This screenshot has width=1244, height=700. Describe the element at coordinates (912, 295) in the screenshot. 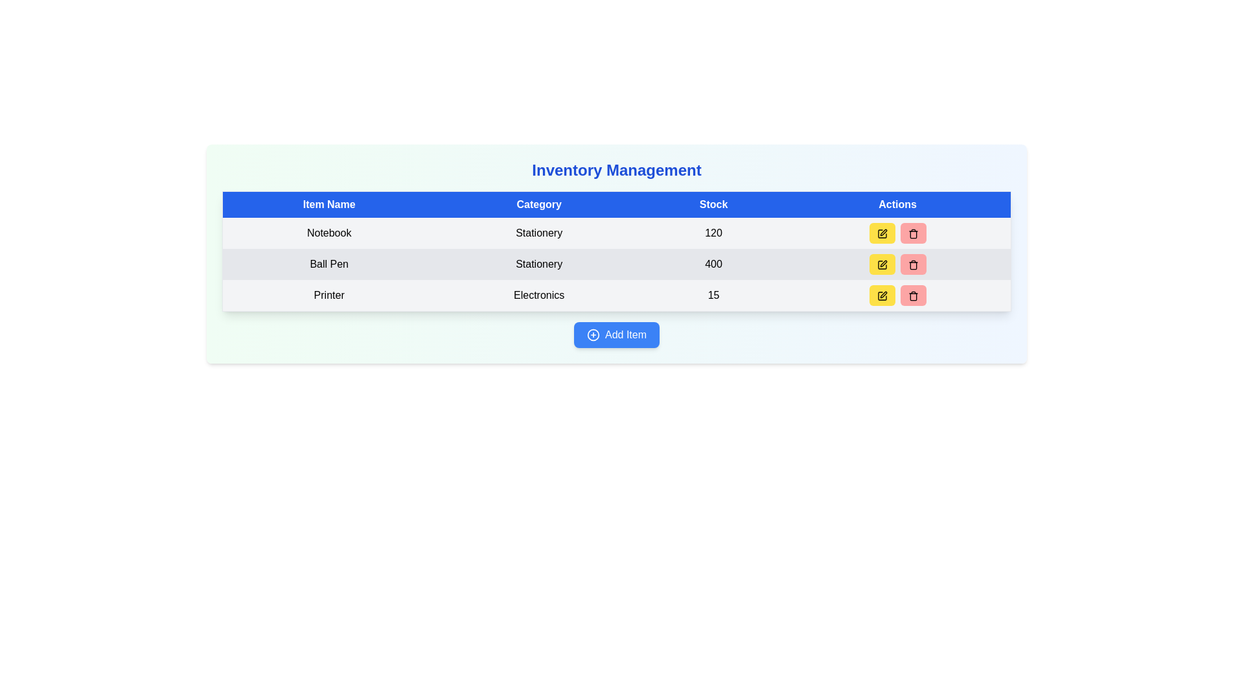

I see `the red rectangular button with rounded corners and a trash can icon located in the last row of the table under the 'Actions' column` at that location.